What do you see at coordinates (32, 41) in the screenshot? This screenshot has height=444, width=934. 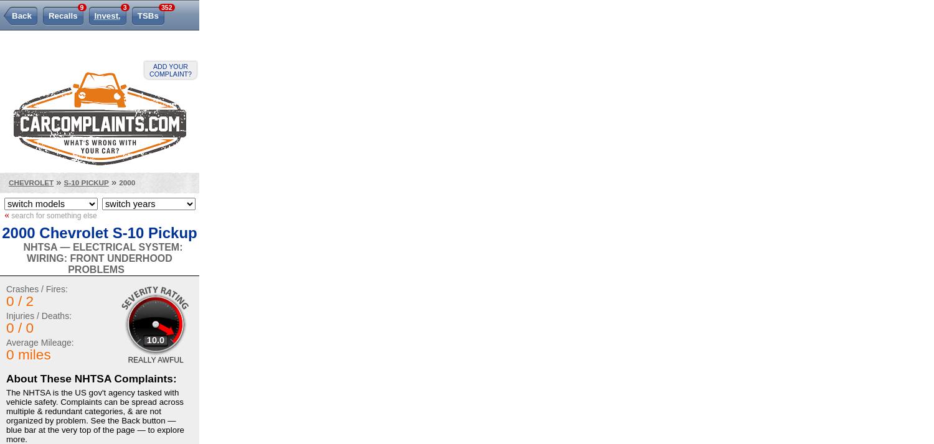 I see `'Lemon Law'` at bounding box center [32, 41].